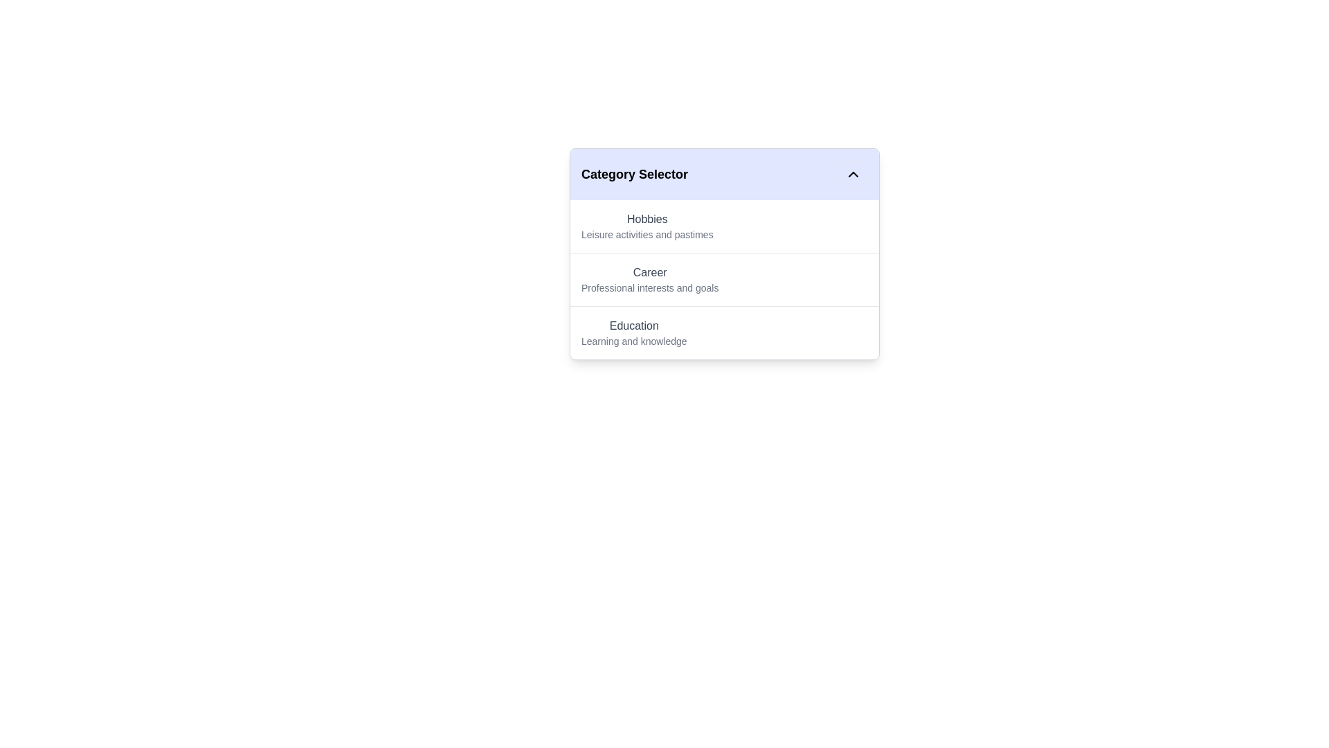  Describe the element at coordinates (647, 226) in the screenshot. I see `the Textual category item labeled 'Hobbies' for accessibility interactions` at that location.